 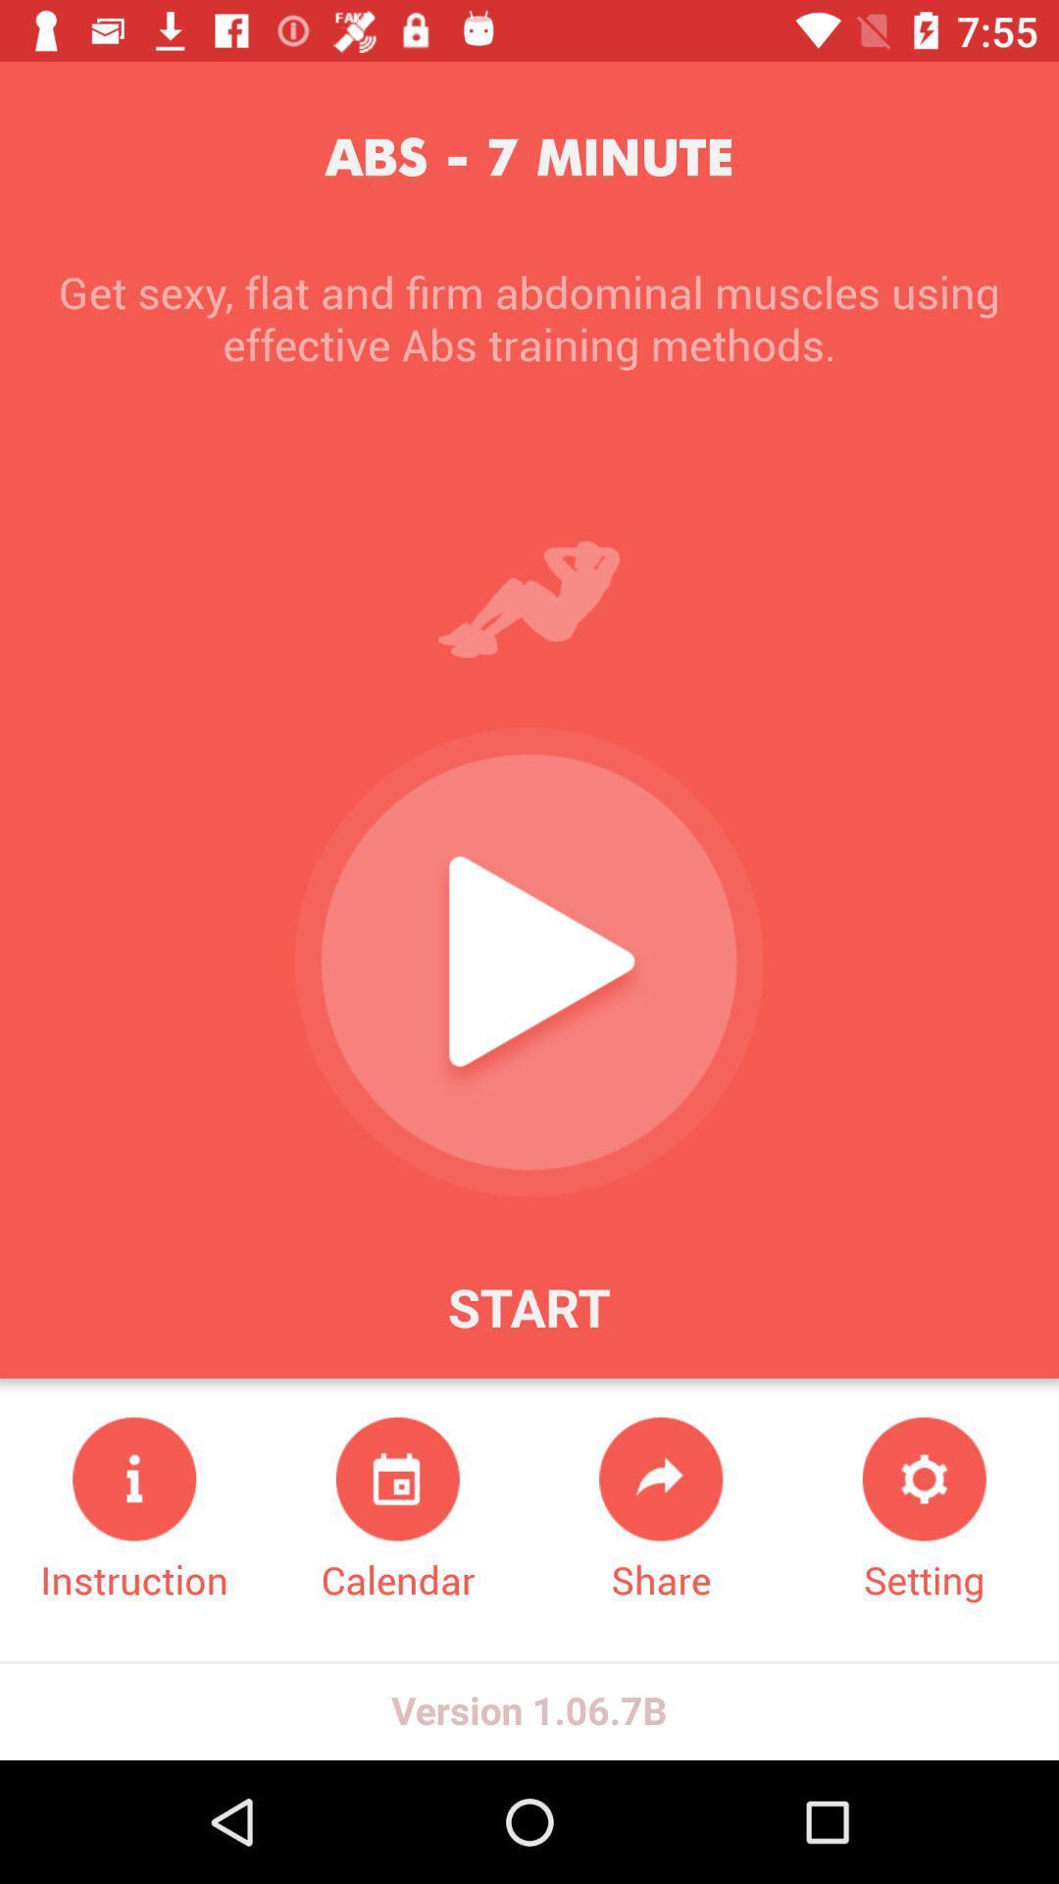 I want to click on icon next to the share, so click(x=397, y=1510).